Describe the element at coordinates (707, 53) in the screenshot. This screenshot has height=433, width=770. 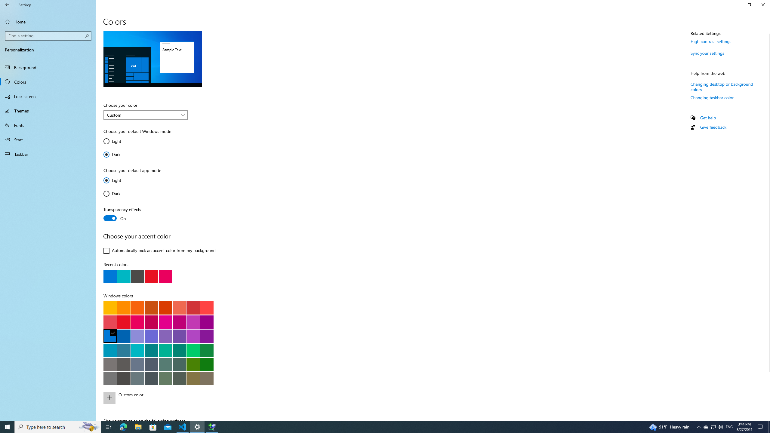
I see `'Sync your settings'` at that location.